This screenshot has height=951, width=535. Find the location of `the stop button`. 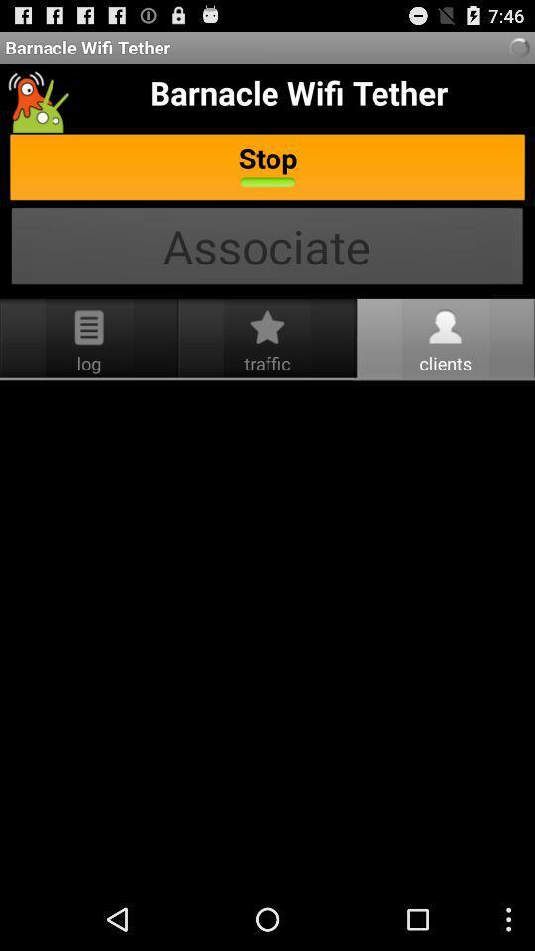

the stop button is located at coordinates (267, 167).